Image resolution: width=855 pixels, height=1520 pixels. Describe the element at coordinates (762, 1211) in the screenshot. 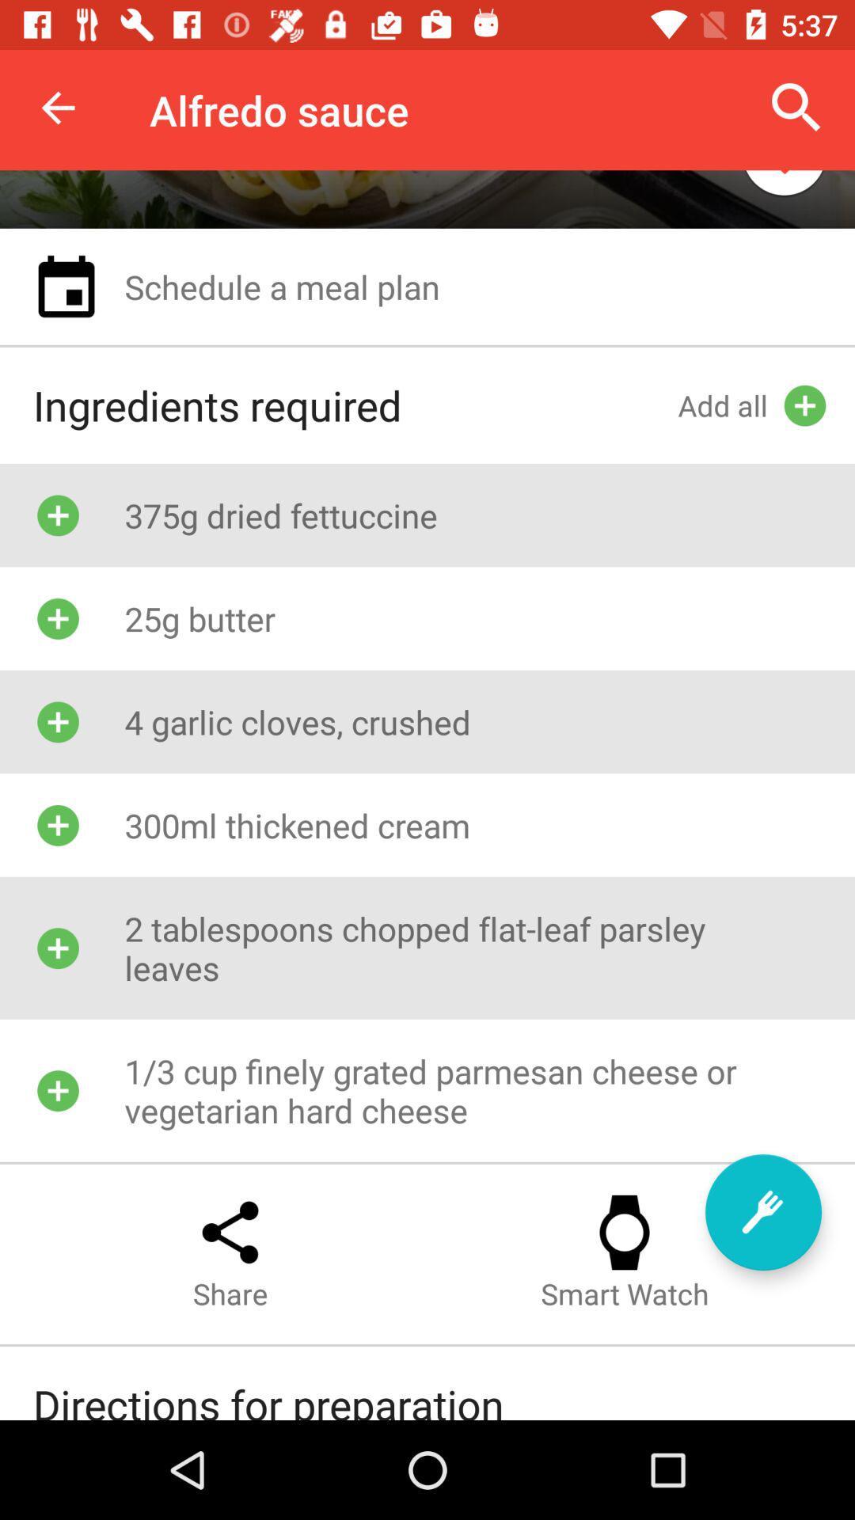

I see `to menu` at that location.